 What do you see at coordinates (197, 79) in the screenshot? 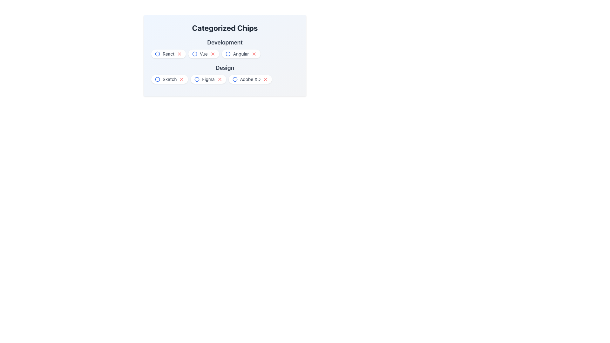
I see `the circular radio button indicator with a blue border located in the 'Design' section, second row, second from the left, to trigger hover effects` at bounding box center [197, 79].